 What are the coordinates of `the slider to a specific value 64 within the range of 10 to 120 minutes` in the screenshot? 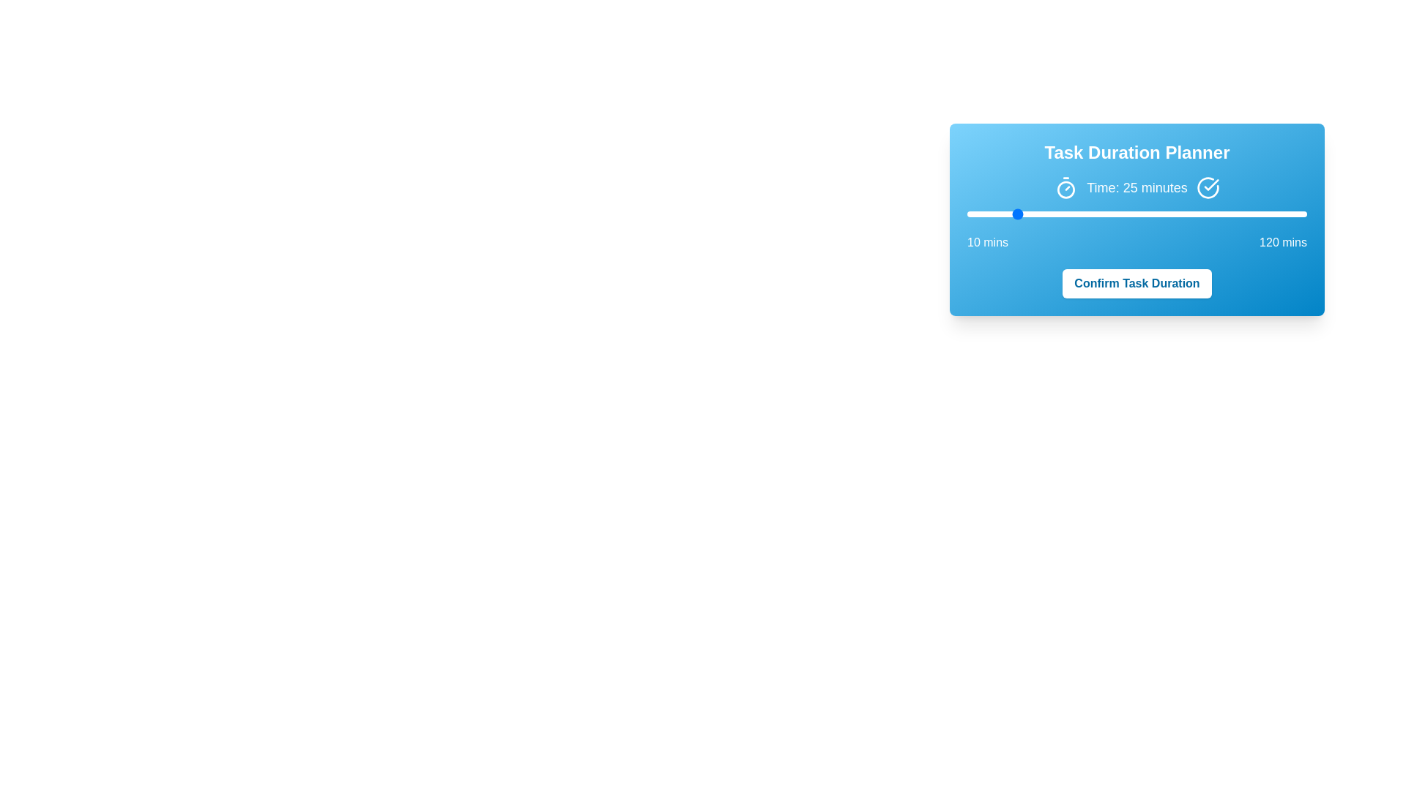 It's located at (1133, 214).